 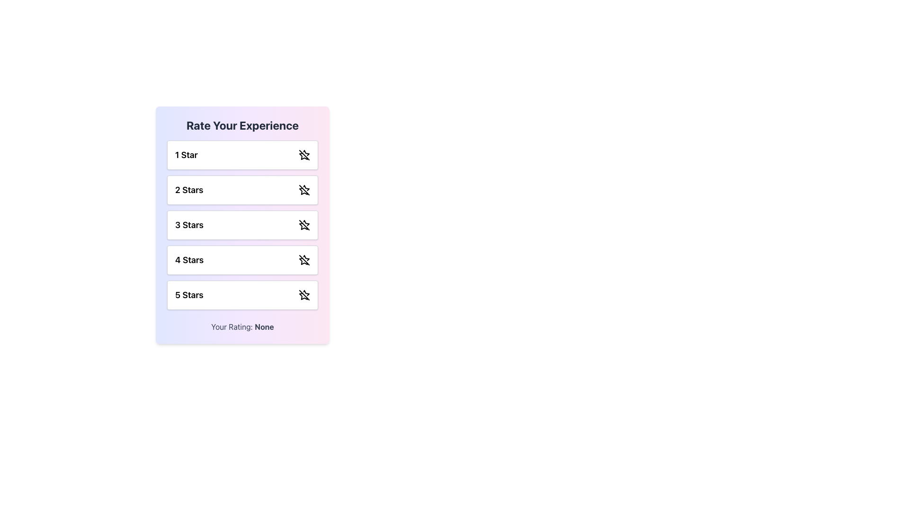 What do you see at coordinates (304, 225) in the screenshot?
I see `the star icon with a line through it, which is located to the right of the '3 Stars' text in the third row of the rating options` at bounding box center [304, 225].